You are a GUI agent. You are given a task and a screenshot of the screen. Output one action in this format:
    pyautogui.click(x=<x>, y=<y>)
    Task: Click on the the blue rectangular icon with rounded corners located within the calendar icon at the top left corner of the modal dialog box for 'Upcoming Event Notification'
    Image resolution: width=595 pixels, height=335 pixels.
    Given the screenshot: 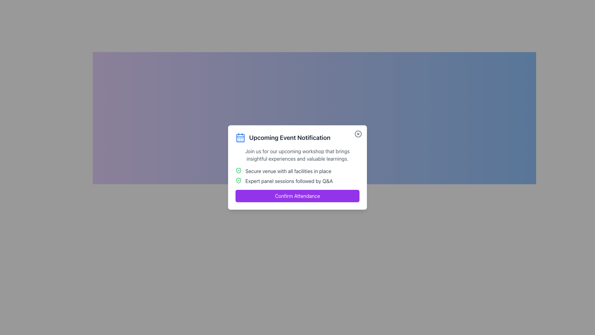 What is the action you would take?
    pyautogui.click(x=240, y=137)
    